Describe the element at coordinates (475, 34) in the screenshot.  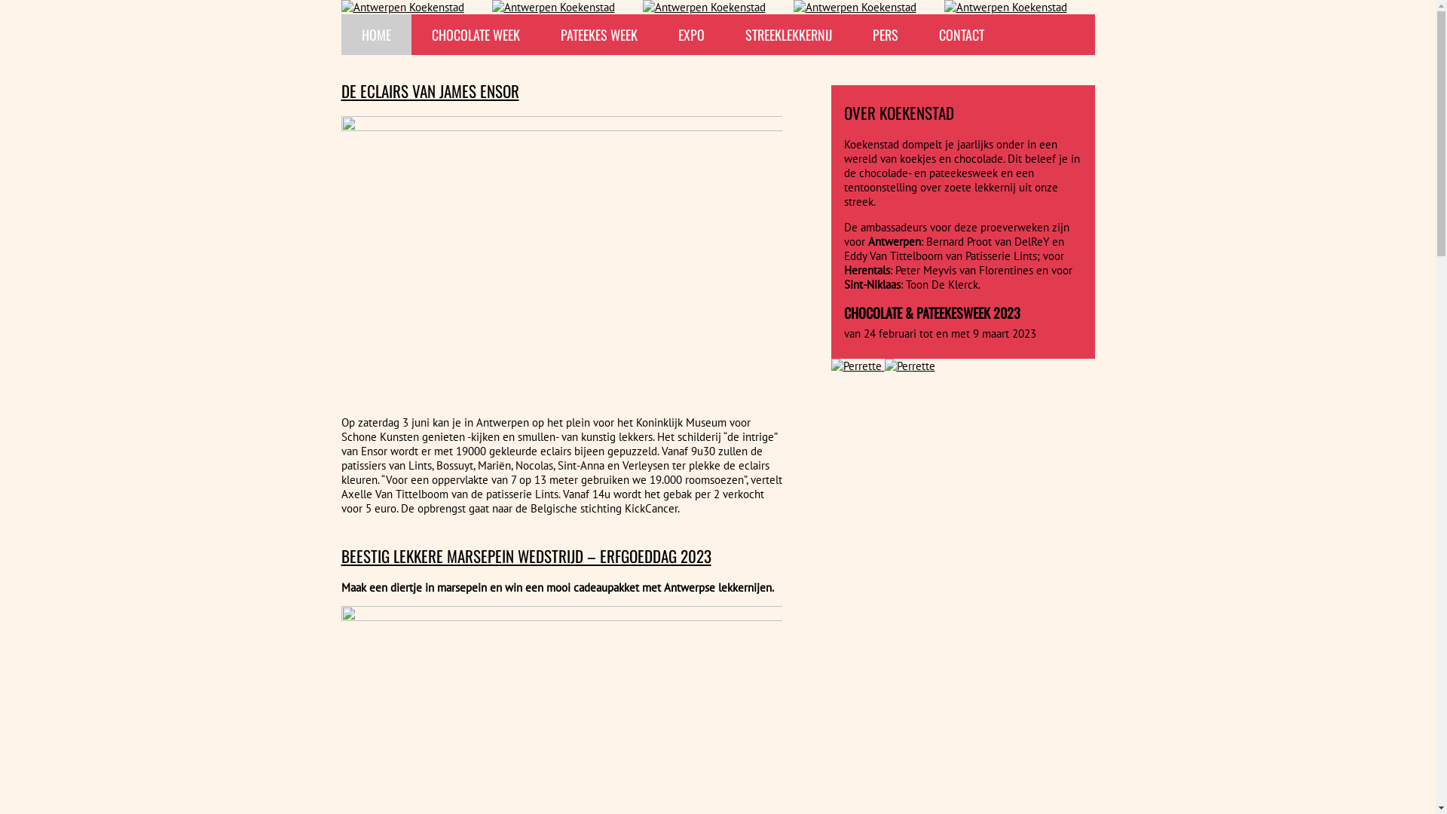
I see `'CHOCOLATE WEEK'` at that location.